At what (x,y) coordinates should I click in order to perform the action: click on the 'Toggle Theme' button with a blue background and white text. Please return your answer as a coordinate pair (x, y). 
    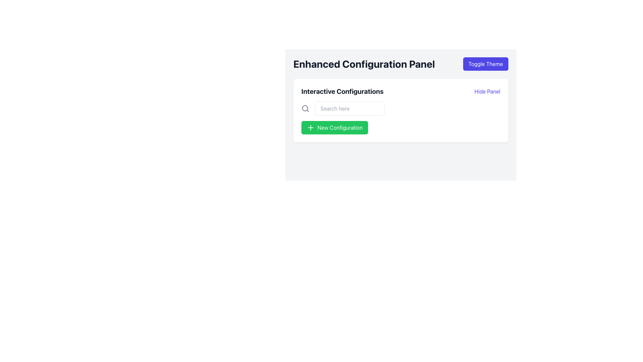
    Looking at the image, I should click on (486, 64).